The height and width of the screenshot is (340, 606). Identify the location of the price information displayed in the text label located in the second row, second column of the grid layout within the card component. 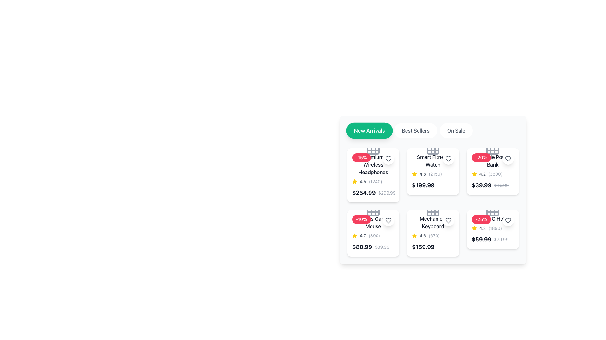
(423, 185).